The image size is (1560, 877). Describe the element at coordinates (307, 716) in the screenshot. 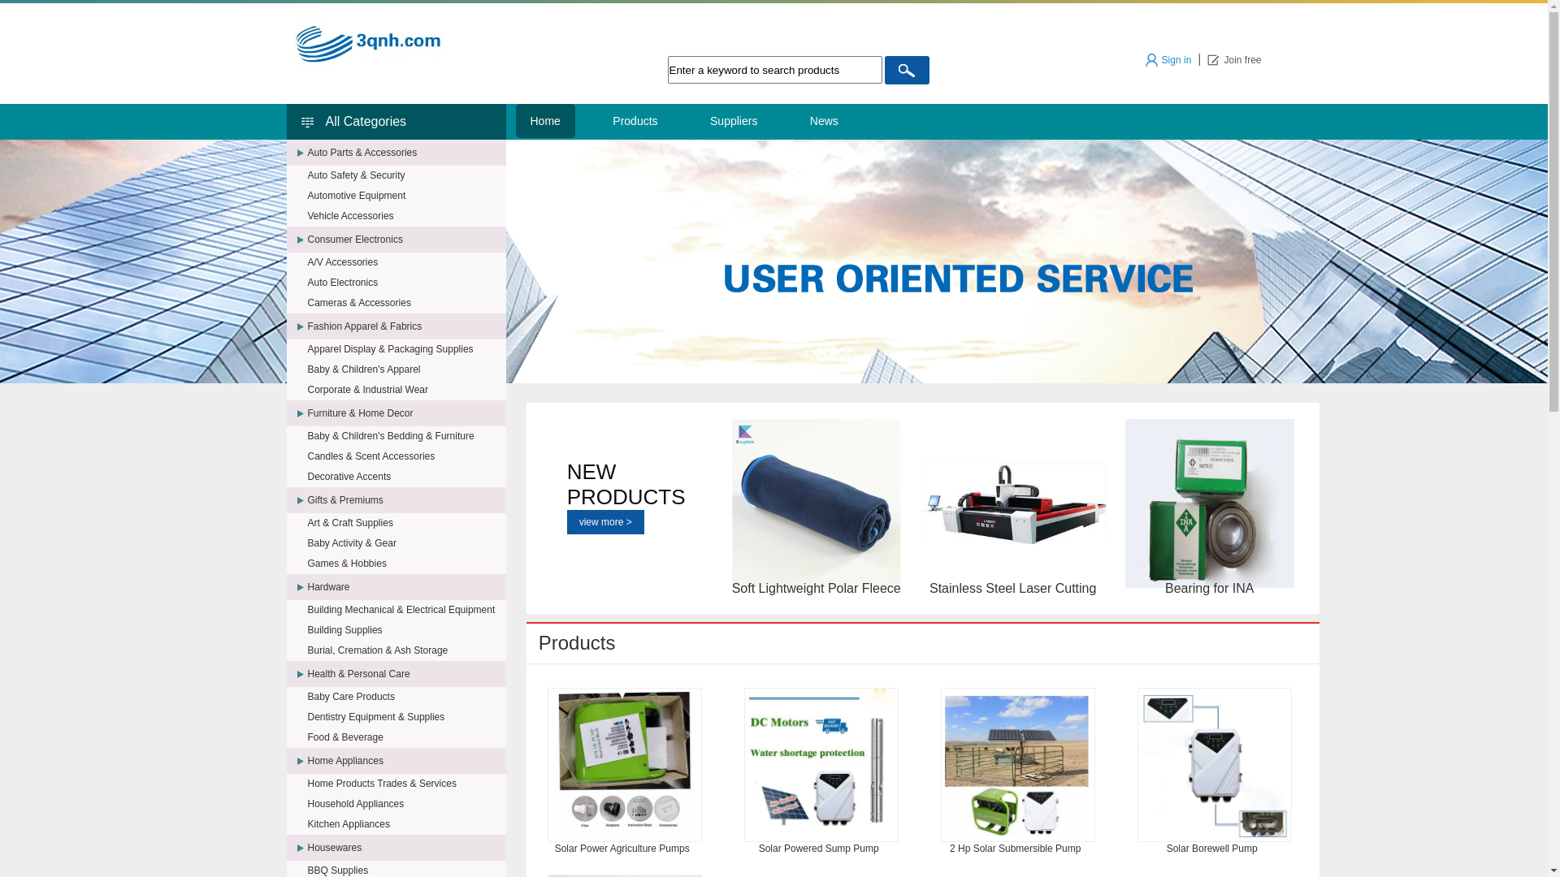

I see `'Dentistry Equipment & Supplies'` at that location.